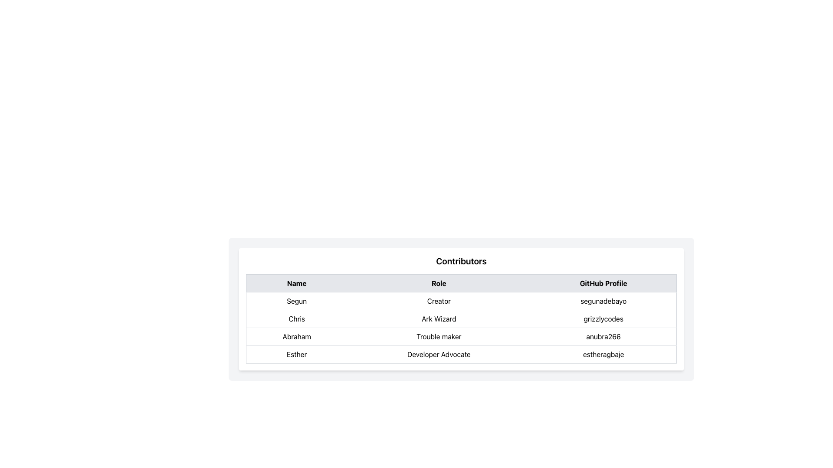 The height and width of the screenshot is (468, 833). I want to click on text of the Text Label displaying the GitHub username 'estheragbaje' for the user 'Esther' in the last row of the table under the 'GitHub Profile' column, so click(603, 354).